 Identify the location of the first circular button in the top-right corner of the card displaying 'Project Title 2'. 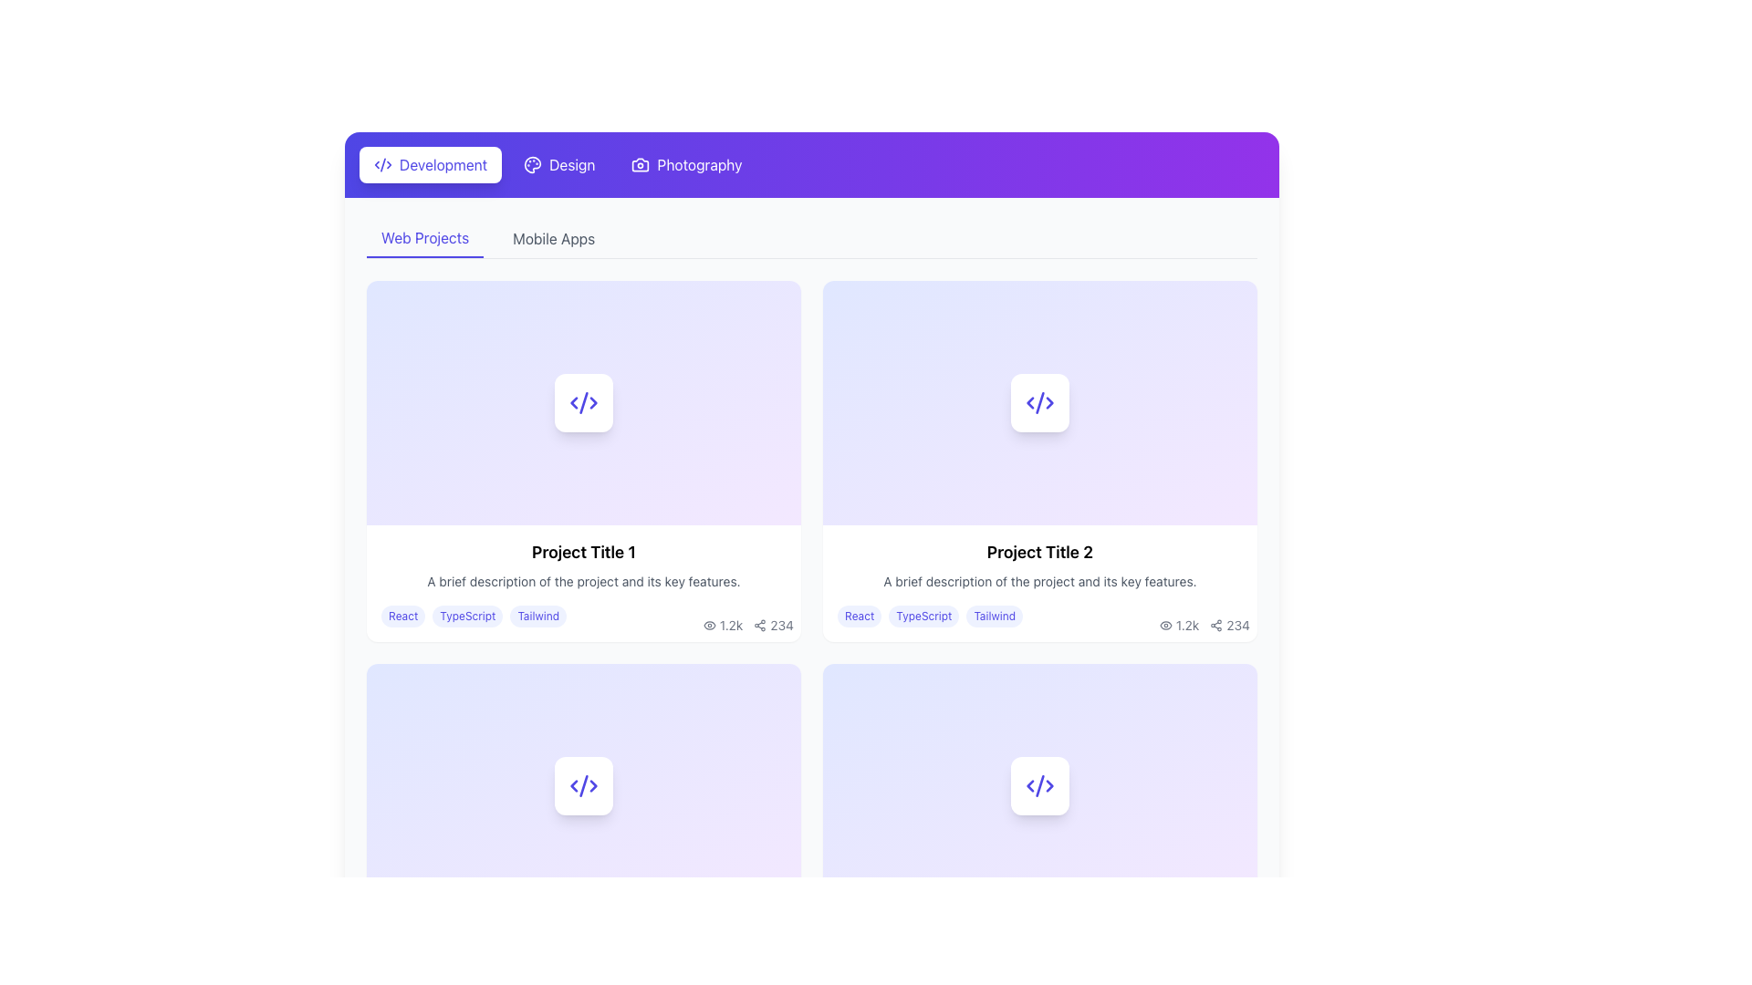
(1161, 301).